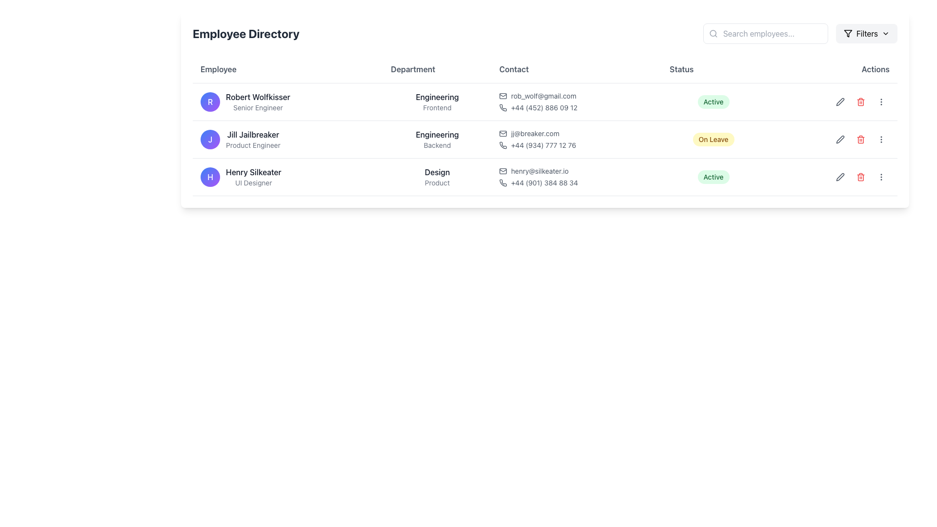 The width and height of the screenshot is (937, 527). What do you see at coordinates (437, 107) in the screenshot?
I see `the 'Frontend' text label element located under the 'Engineering' heading in the 'Department' column for Robert Wolfkisser` at bounding box center [437, 107].